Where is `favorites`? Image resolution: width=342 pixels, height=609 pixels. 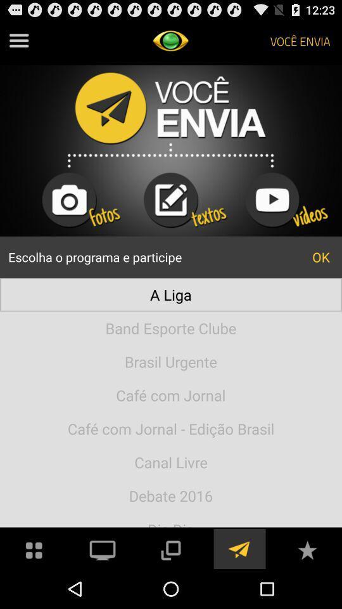
favorites is located at coordinates (307, 548).